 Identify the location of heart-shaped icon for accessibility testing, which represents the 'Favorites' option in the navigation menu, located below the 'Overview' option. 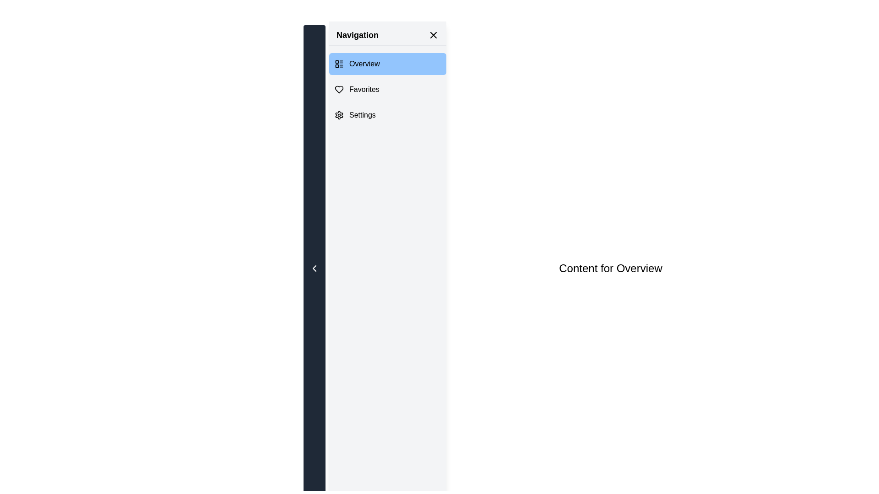
(338, 90).